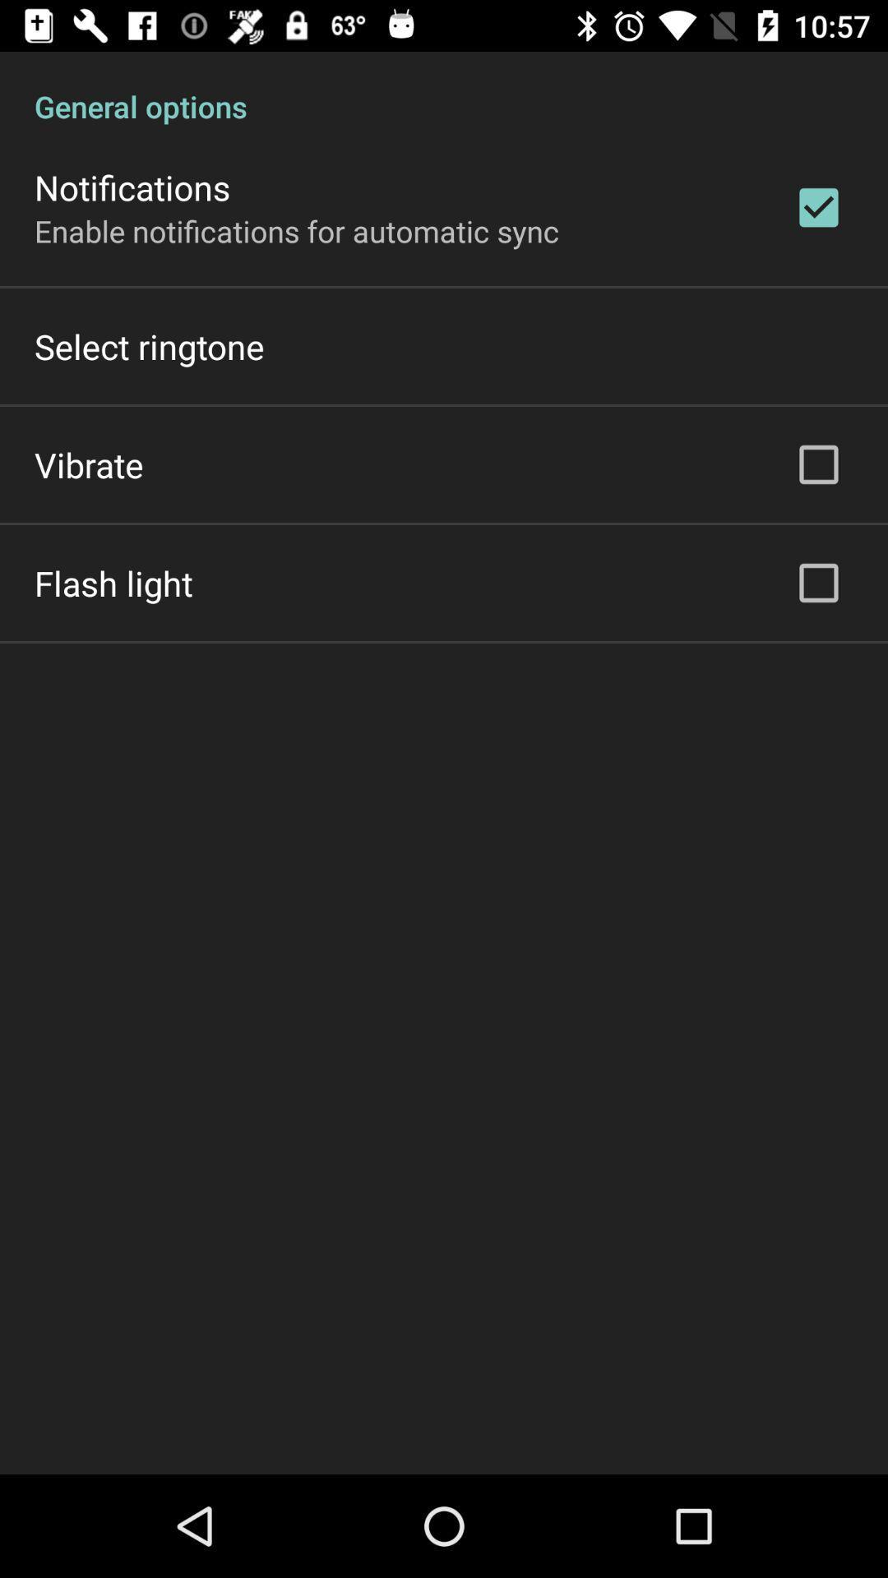 This screenshot has height=1578, width=888. What do you see at coordinates (113, 583) in the screenshot?
I see `the icon below vibrate icon` at bounding box center [113, 583].